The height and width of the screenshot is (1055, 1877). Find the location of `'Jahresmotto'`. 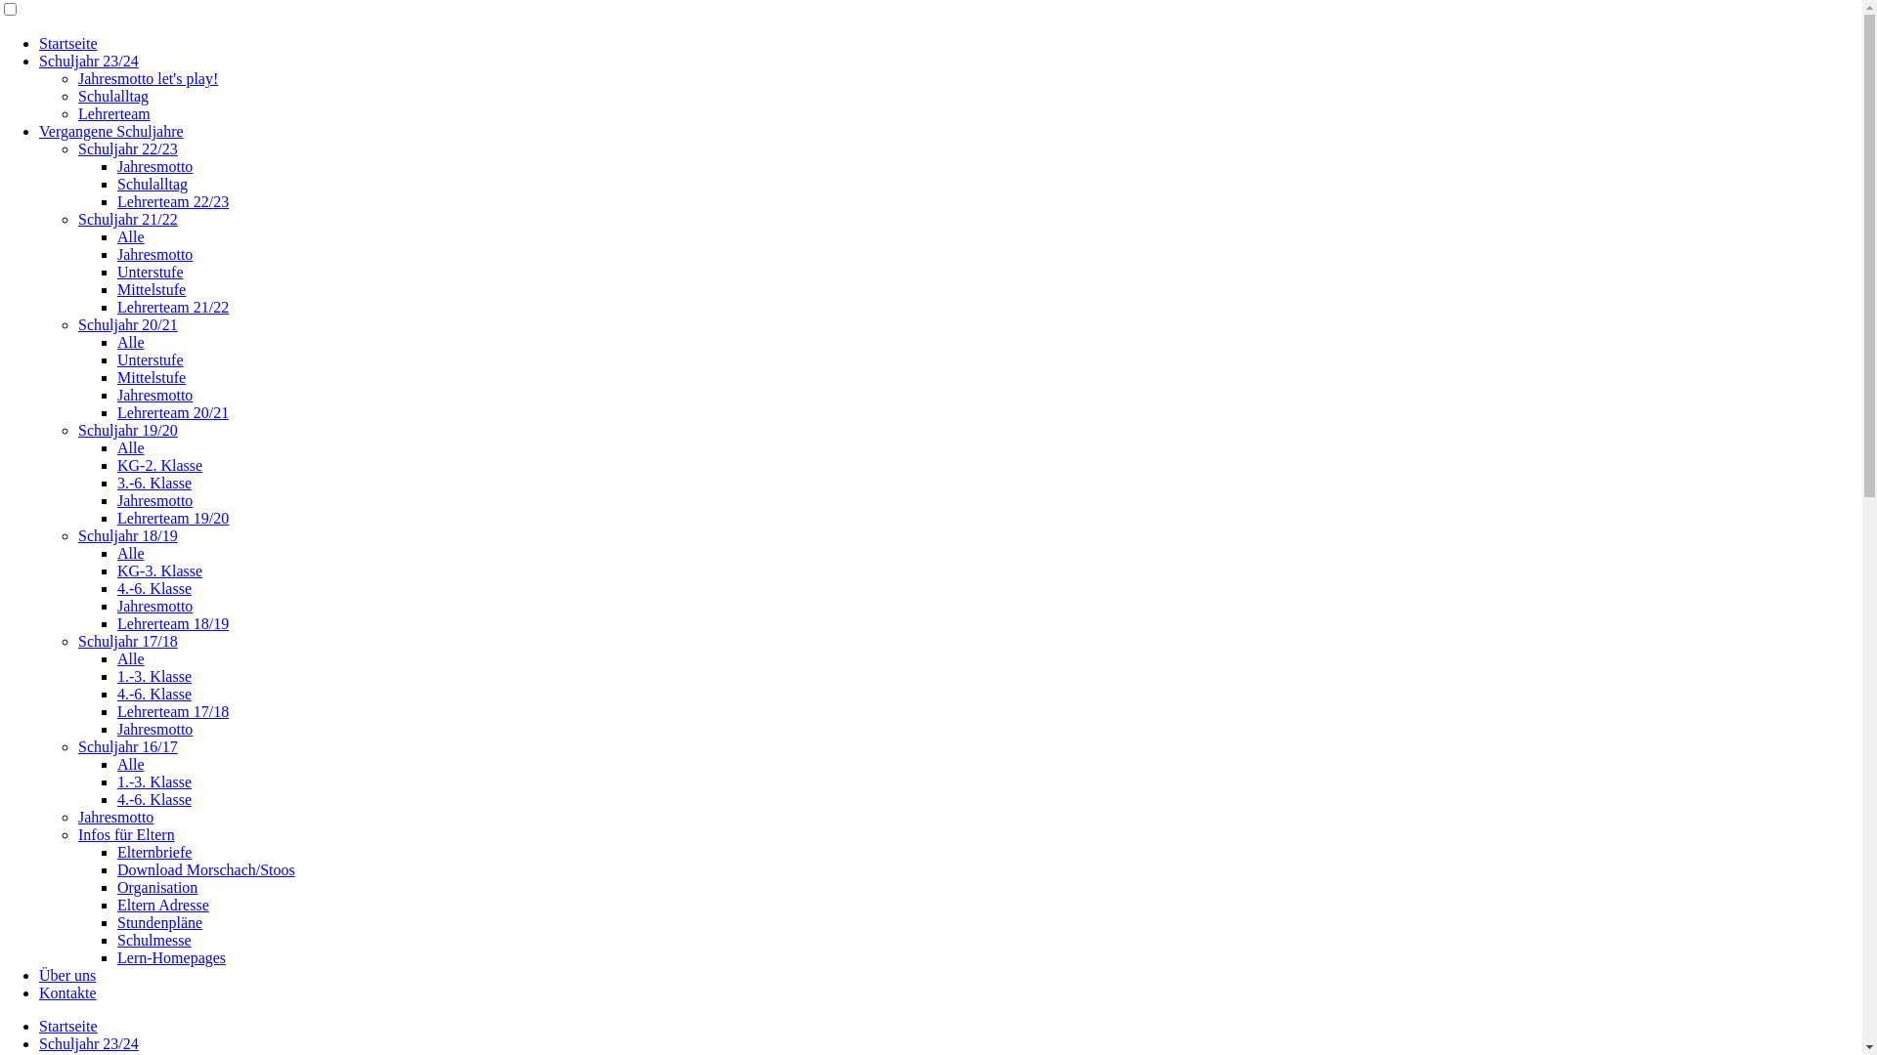

'Jahresmotto' is located at coordinates (116, 499).